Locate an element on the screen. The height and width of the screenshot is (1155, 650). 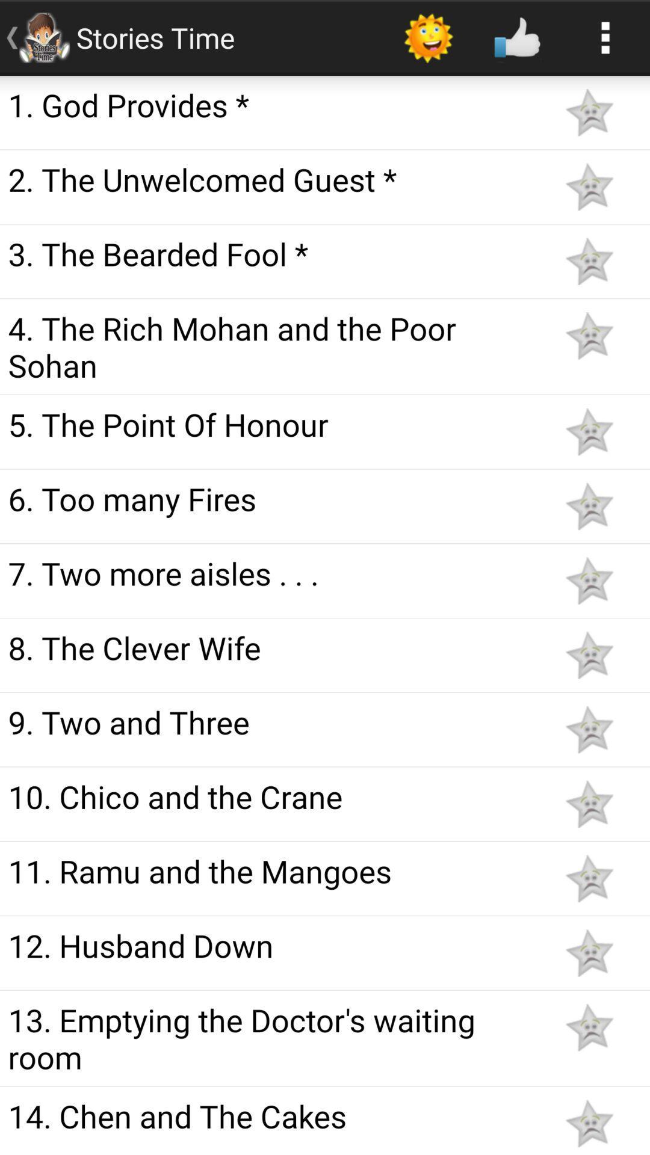
mark a star for husband down is located at coordinates (589, 952).